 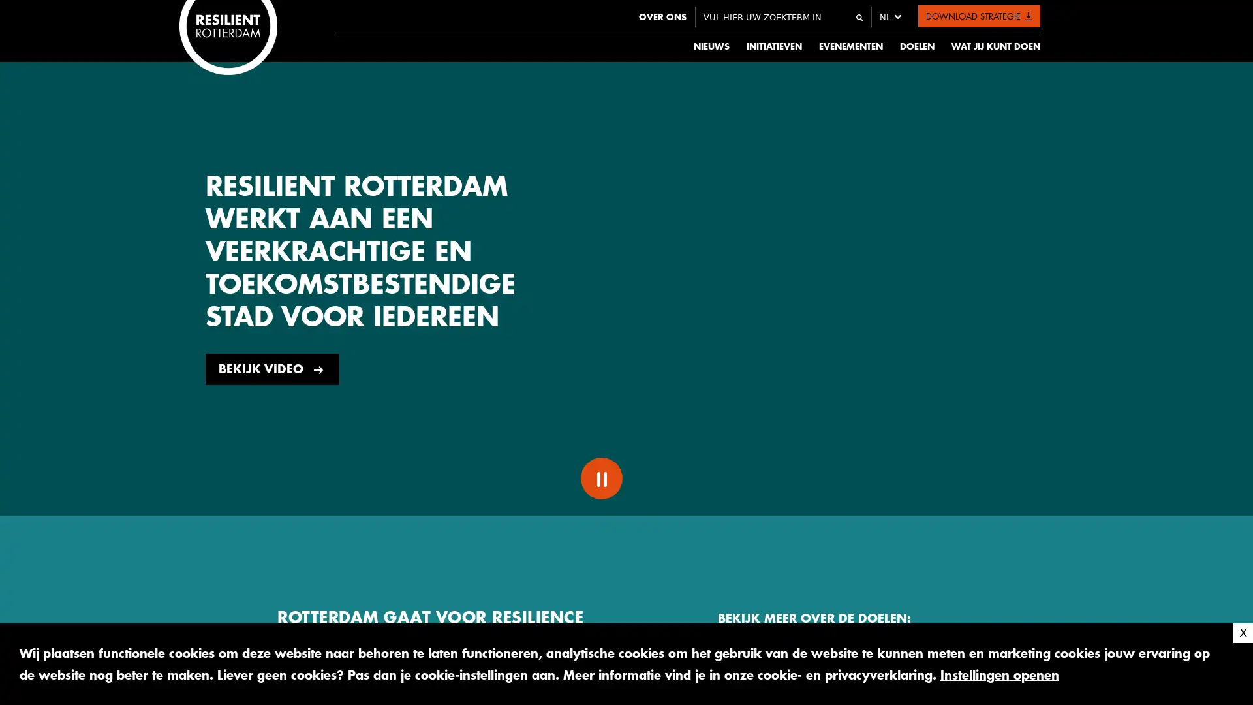 What do you see at coordinates (271, 369) in the screenshot?
I see `BEKIJK VIDEO` at bounding box center [271, 369].